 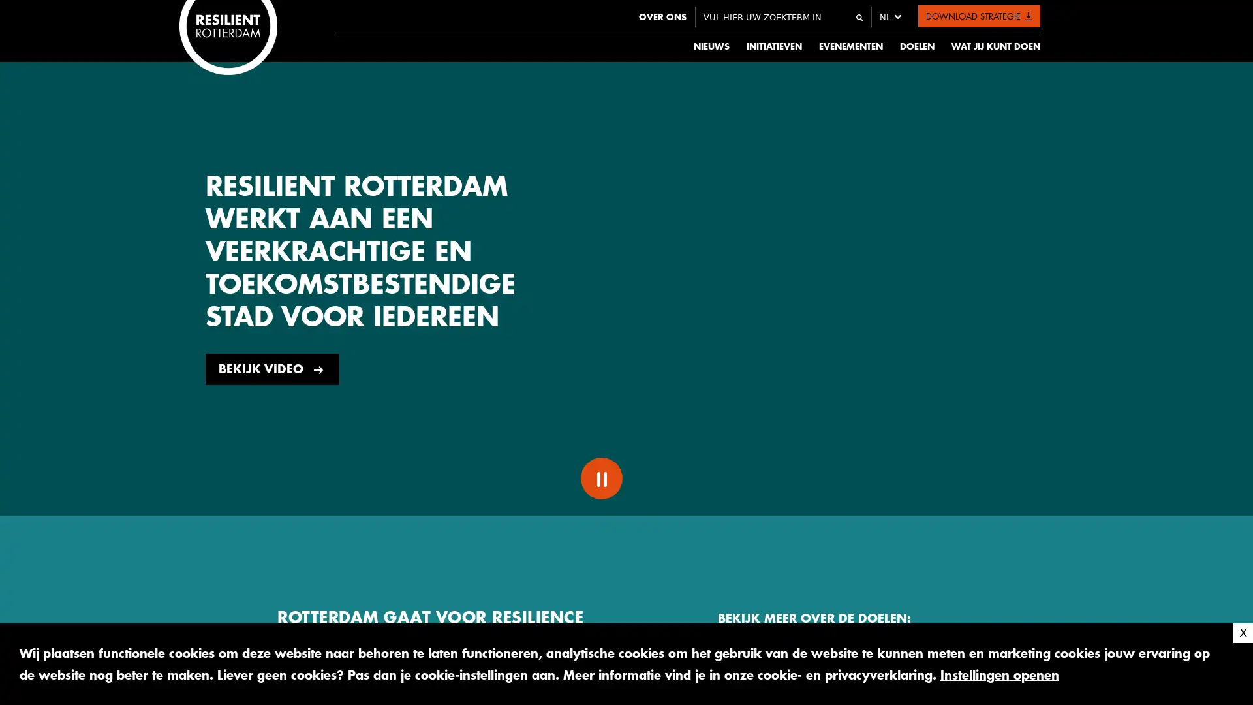 What do you see at coordinates (271, 369) in the screenshot?
I see `BEKIJK VIDEO` at bounding box center [271, 369].